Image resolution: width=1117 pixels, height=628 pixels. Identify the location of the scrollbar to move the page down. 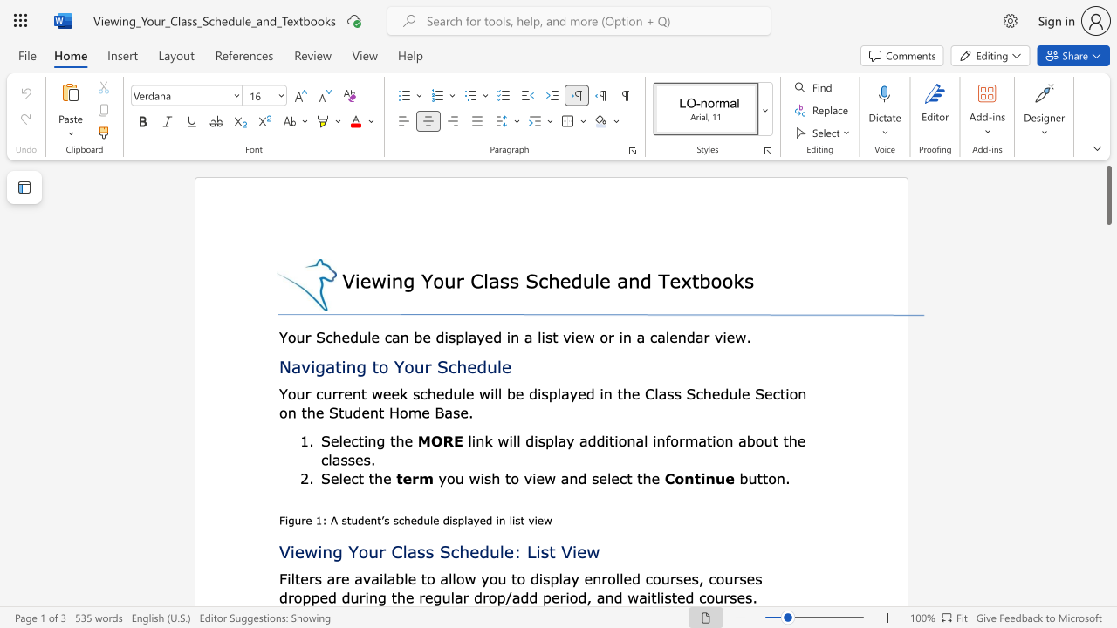
(1107, 591).